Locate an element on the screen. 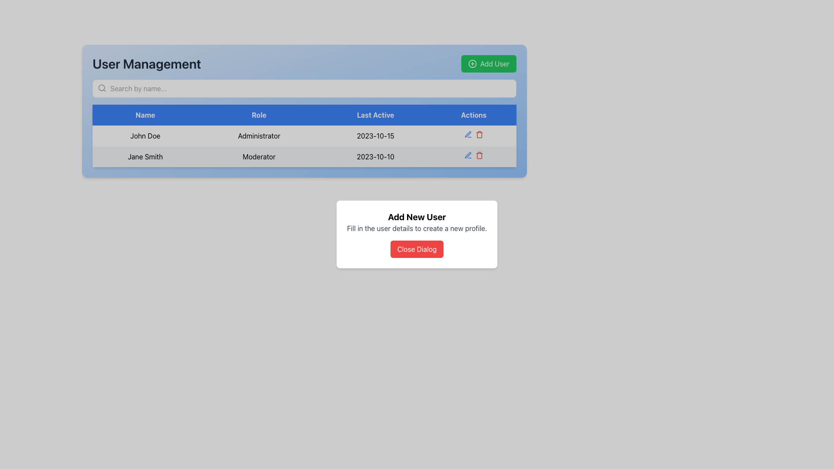 The height and width of the screenshot is (469, 834). text 'Last Active' from the Table Header Cell, which is styled in white text on a blue background and is the third column header in the table layout is located at coordinates (375, 115).